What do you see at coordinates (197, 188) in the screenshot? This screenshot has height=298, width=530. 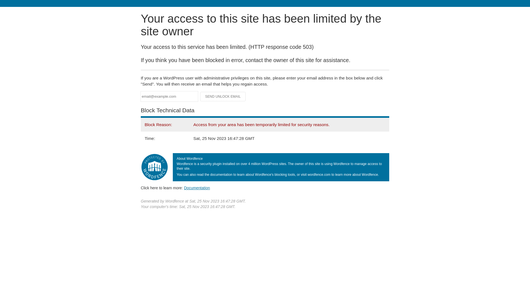 I see `'Documentation'` at bounding box center [197, 188].